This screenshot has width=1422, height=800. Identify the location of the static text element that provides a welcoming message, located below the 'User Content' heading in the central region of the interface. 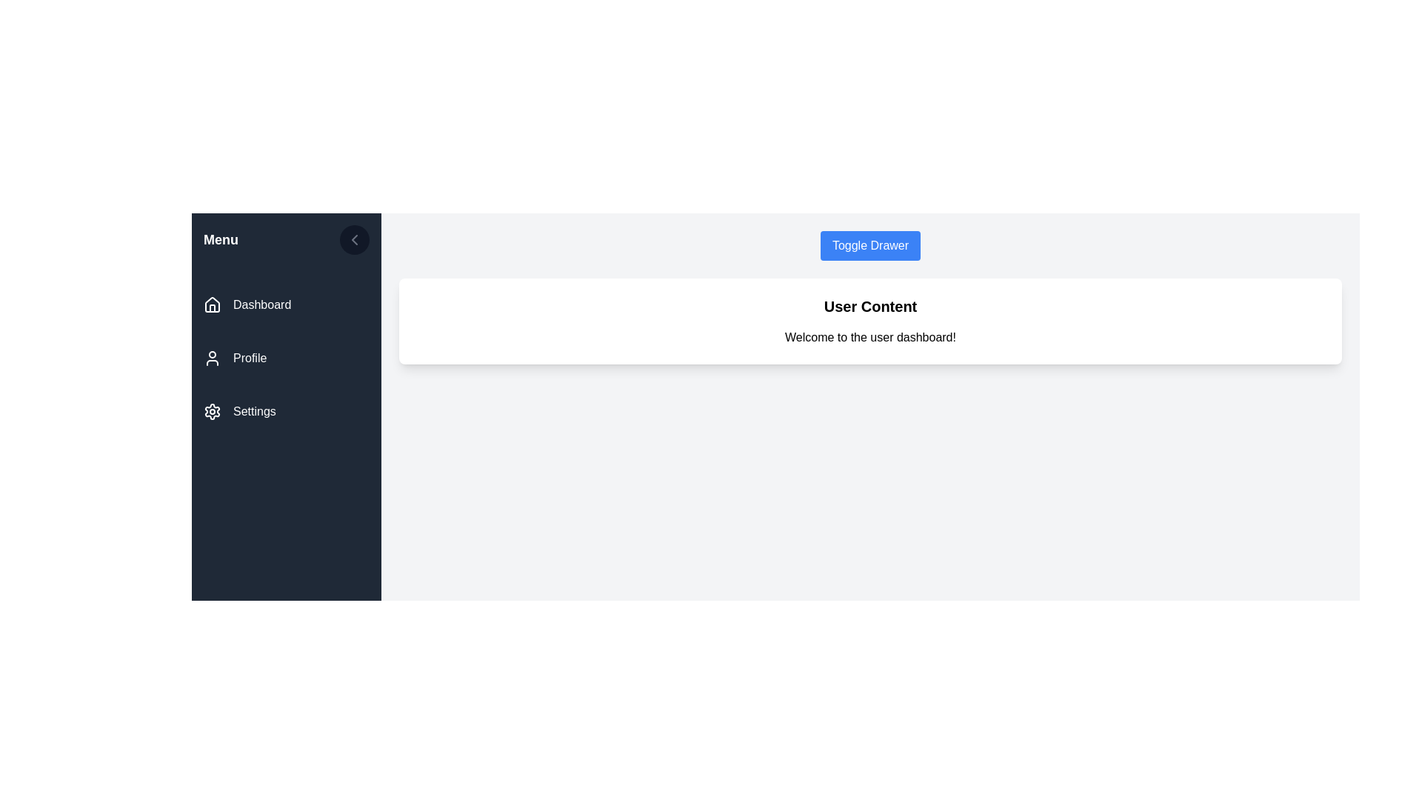
(870, 337).